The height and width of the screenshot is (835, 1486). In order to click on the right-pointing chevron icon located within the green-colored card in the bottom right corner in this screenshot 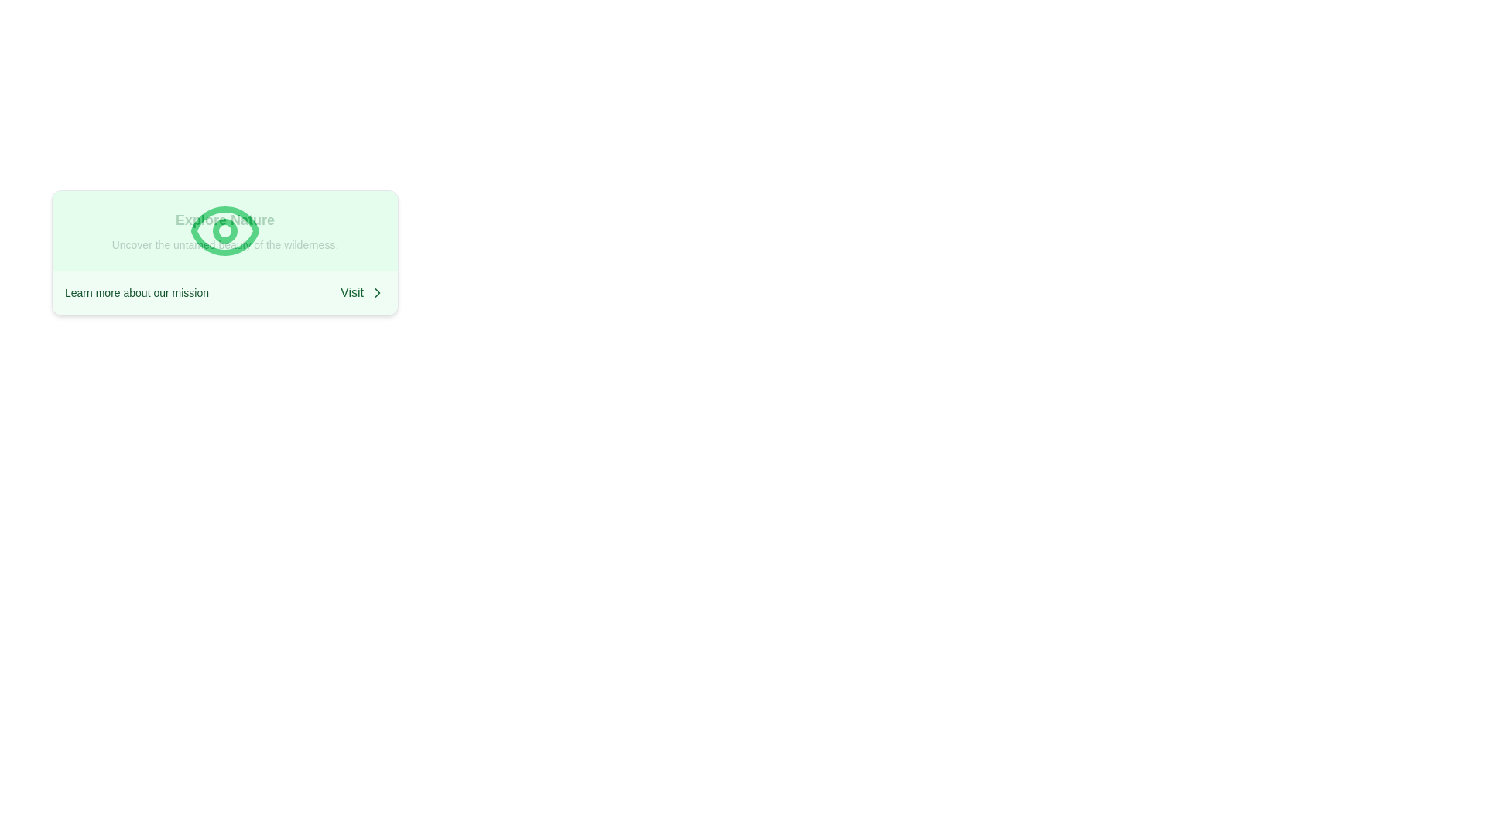, I will do `click(378, 292)`.